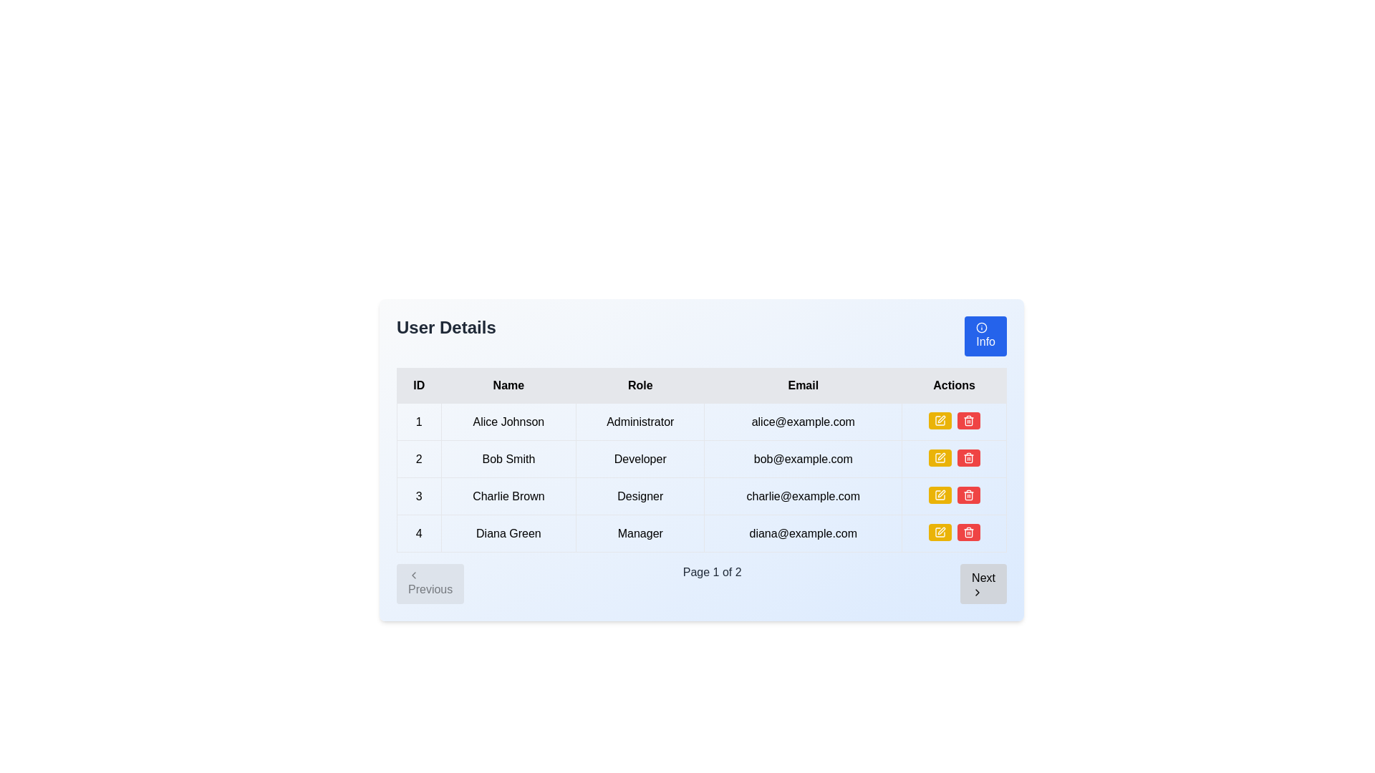 The height and width of the screenshot is (773, 1375). I want to click on the delete button located in the 'Actions' column of the fourth row in the 'User Details' table, so click(968, 494).